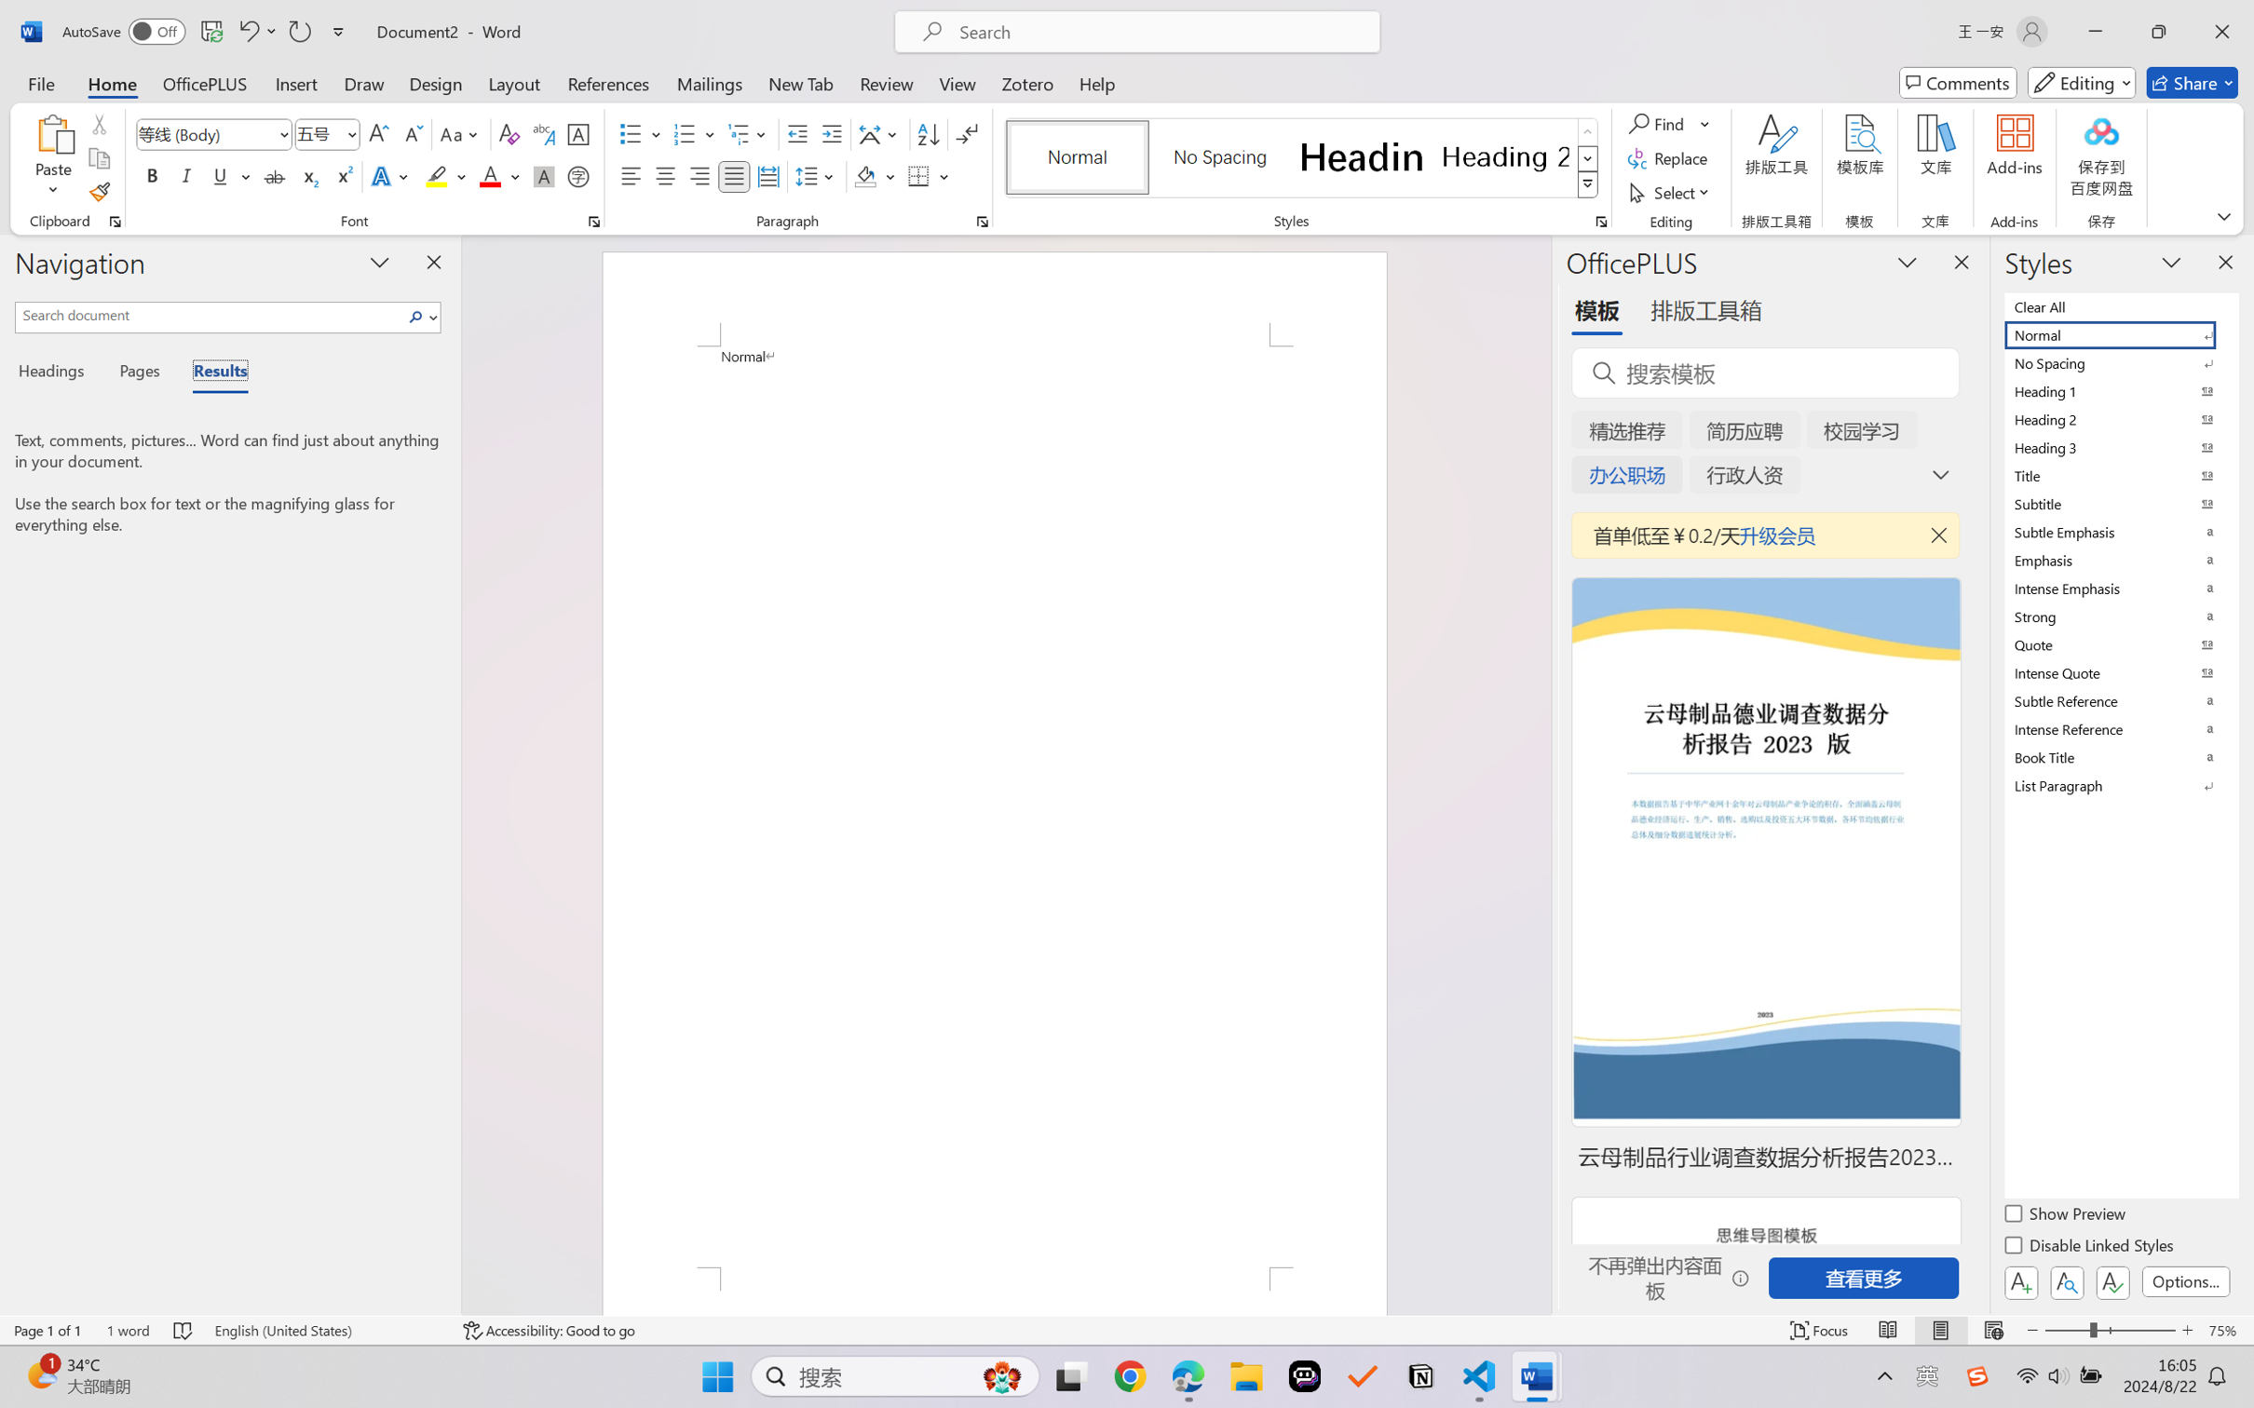 This screenshot has height=1408, width=2254. Describe the element at coordinates (2119, 361) in the screenshot. I see `'No Spacing'` at that location.